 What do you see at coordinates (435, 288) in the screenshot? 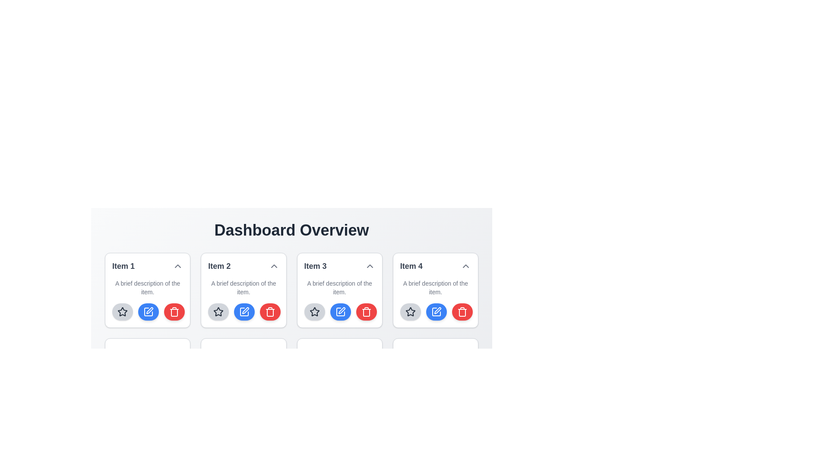
I see `the static text element providing a description for 'Item 4' located within the card layout, positioned below the title section and above the action buttons` at bounding box center [435, 288].